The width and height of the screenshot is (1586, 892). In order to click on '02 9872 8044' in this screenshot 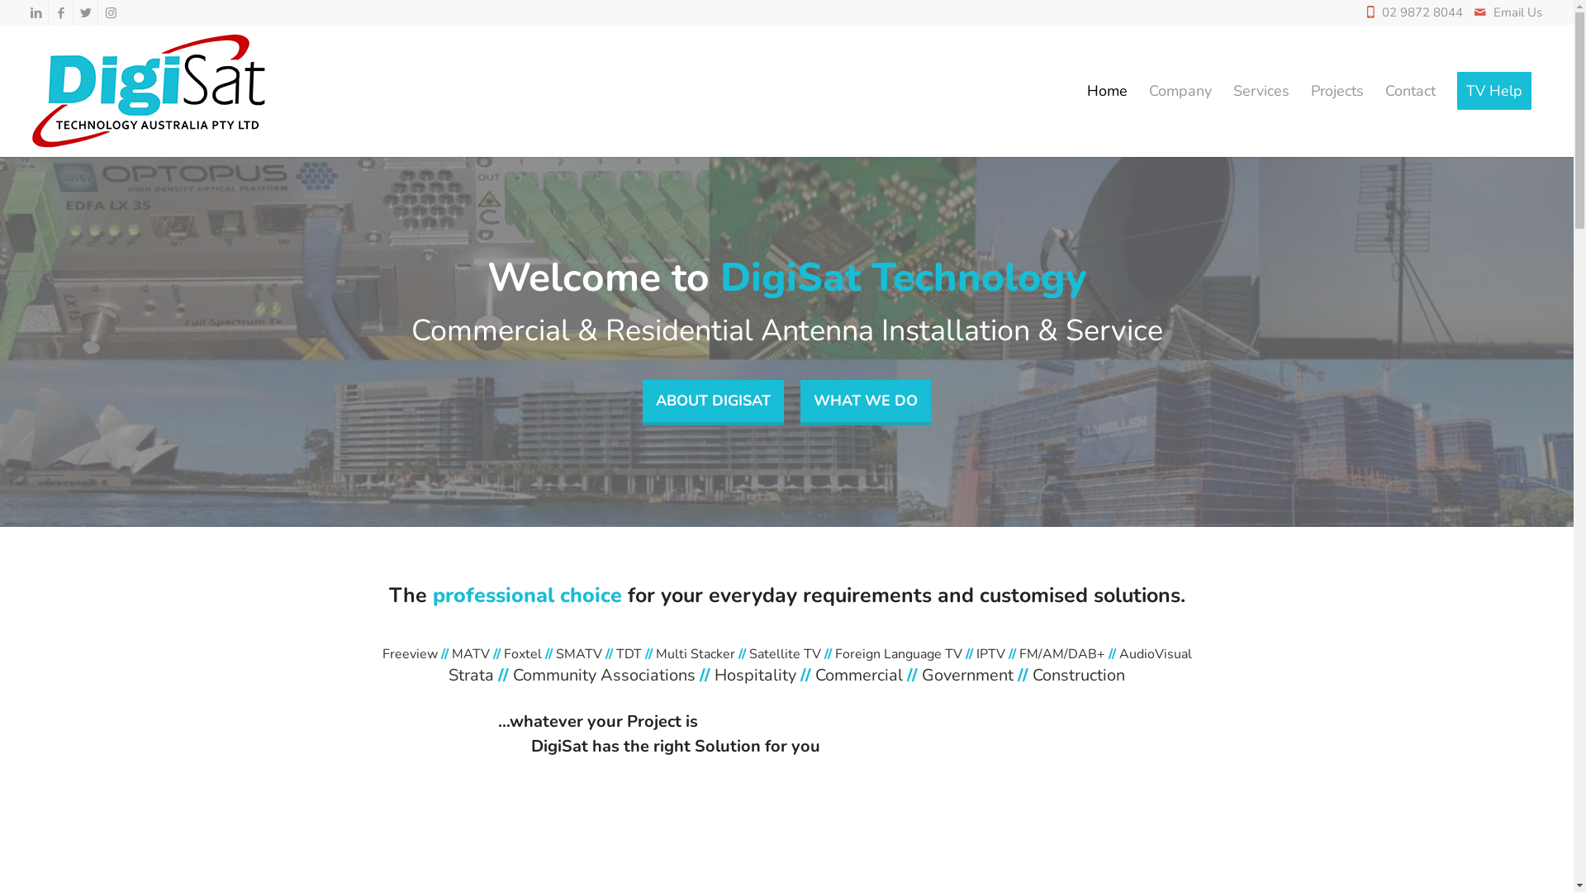, I will do `click(1426, 12)`.